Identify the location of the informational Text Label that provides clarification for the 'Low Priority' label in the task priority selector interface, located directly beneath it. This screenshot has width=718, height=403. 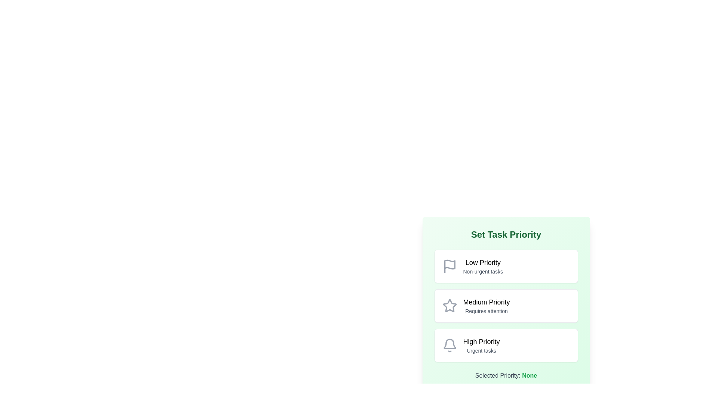
(483, 272).